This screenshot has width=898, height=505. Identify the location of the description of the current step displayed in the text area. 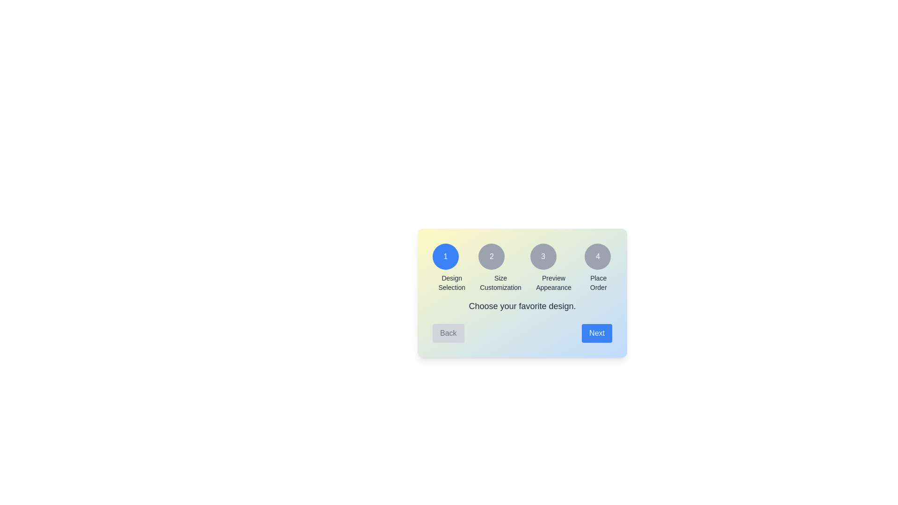
(522, 306).